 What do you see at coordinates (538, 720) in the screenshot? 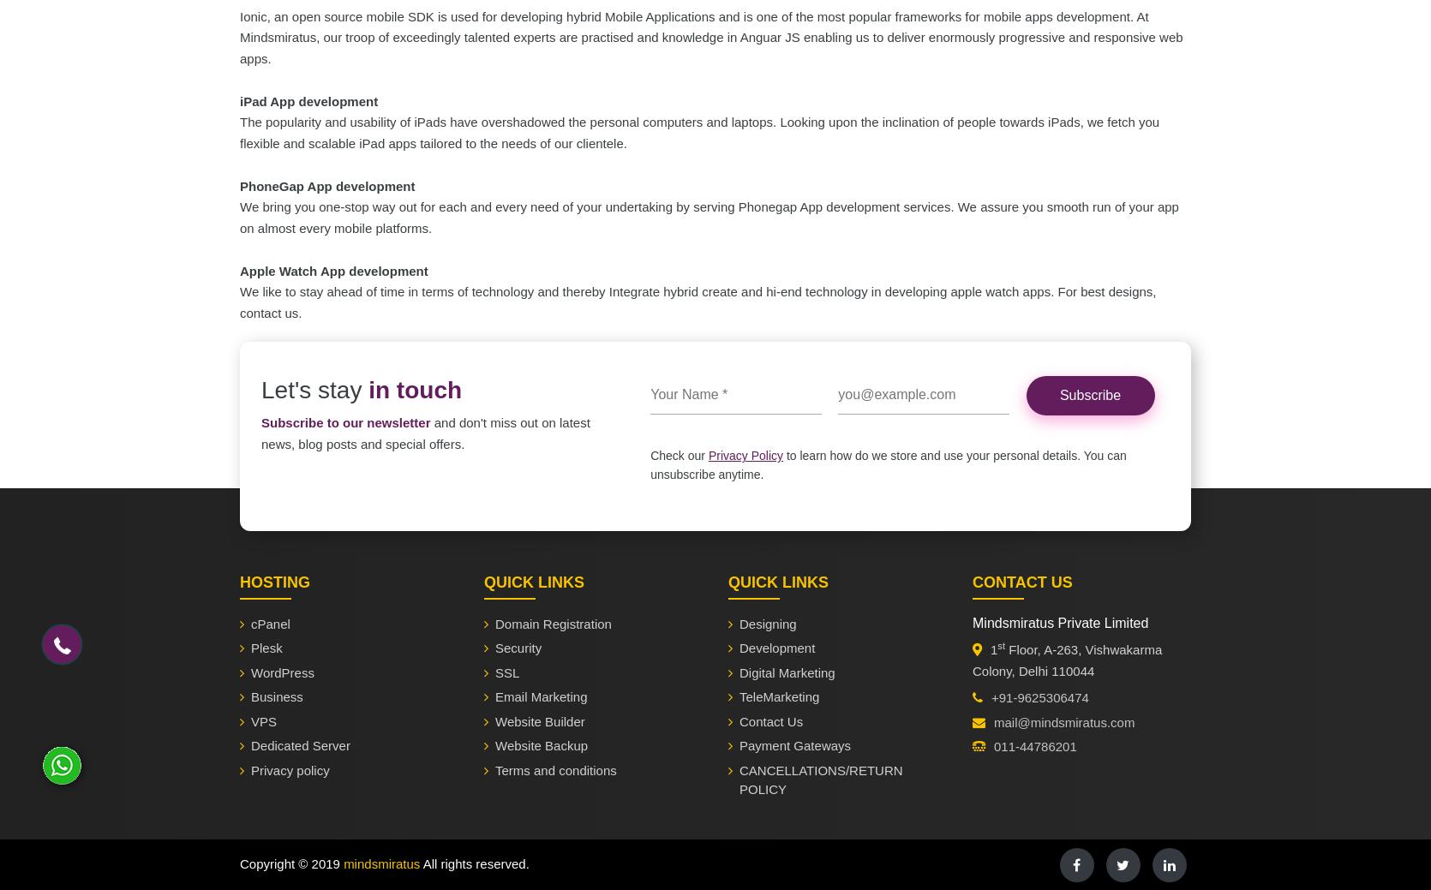
I see `'Website Builder'` at bounding box center [538, 720].